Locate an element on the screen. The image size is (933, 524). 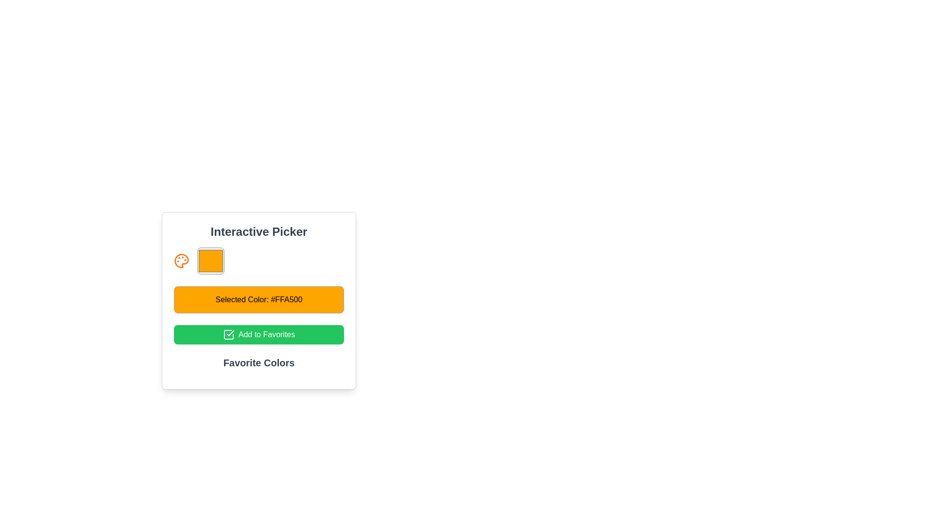
the green square icon with a white checkmark symbol, which is located to the left of the 'Add to Favorites' text inside the button is located at coordinates (228, 334).